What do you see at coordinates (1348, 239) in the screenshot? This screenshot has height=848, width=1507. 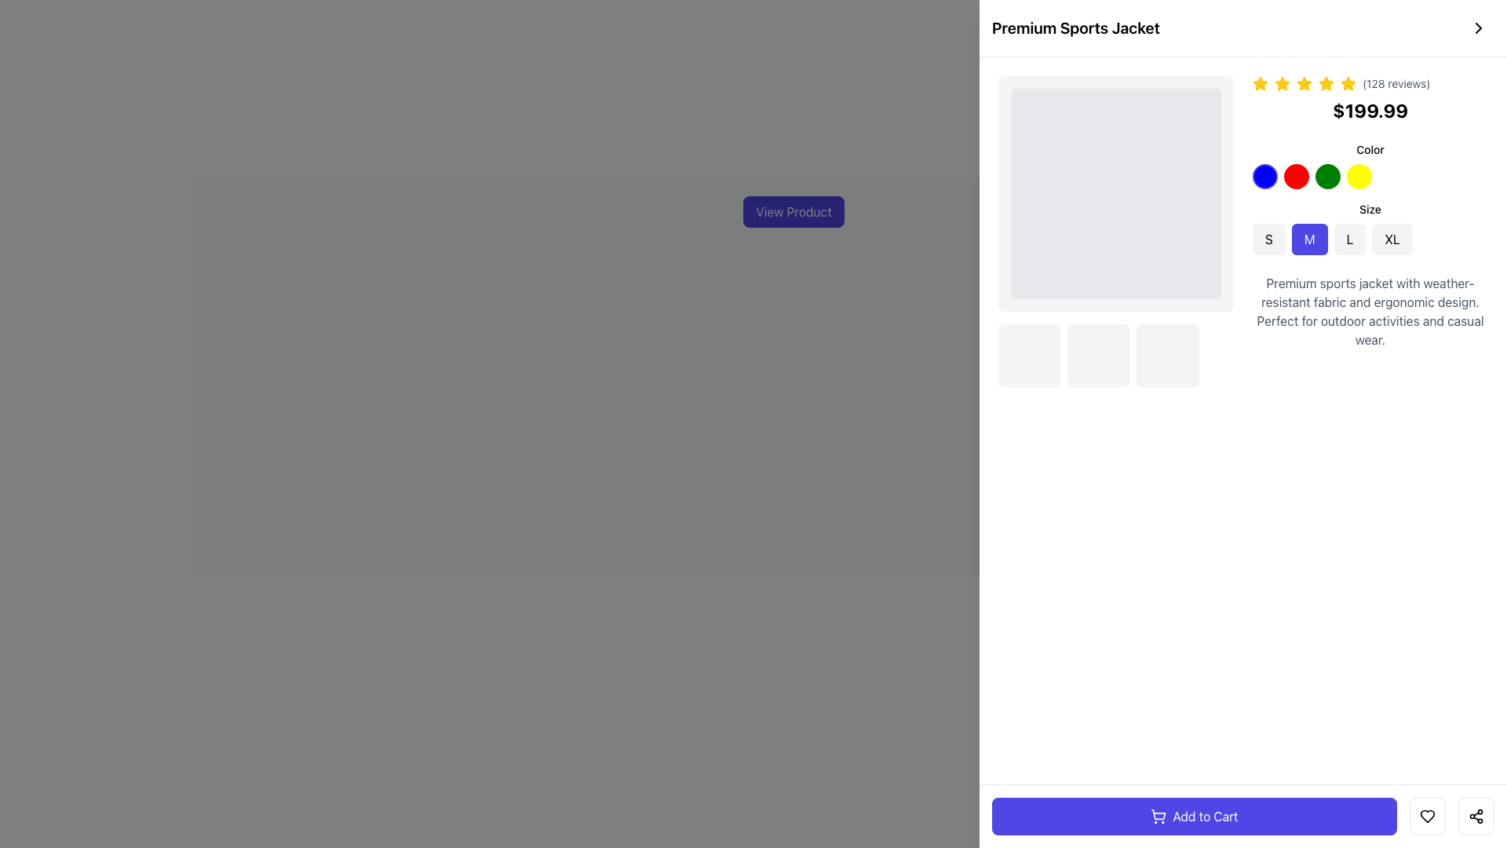 I see `the 'L' size selection button located between the 'M' and 'XL' buttons in the right panel` at bounding box center [1348, 239].